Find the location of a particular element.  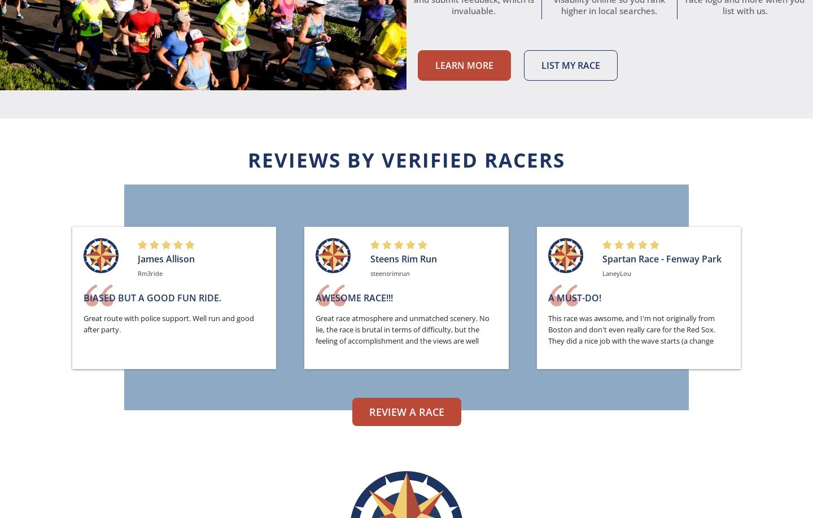

'A Must-Do!' is located at coordinates (574, 298).